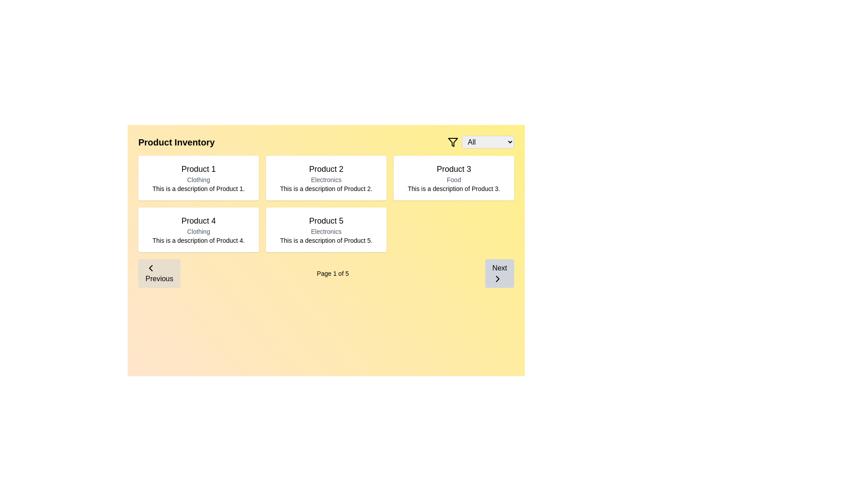  What do you see at coordinates (150, 268) in the screenshot?
I see `the chevron-left SVG icon located within the 'Previous' button at the bottom-left section of the interface` at bounding box center [150, 268].